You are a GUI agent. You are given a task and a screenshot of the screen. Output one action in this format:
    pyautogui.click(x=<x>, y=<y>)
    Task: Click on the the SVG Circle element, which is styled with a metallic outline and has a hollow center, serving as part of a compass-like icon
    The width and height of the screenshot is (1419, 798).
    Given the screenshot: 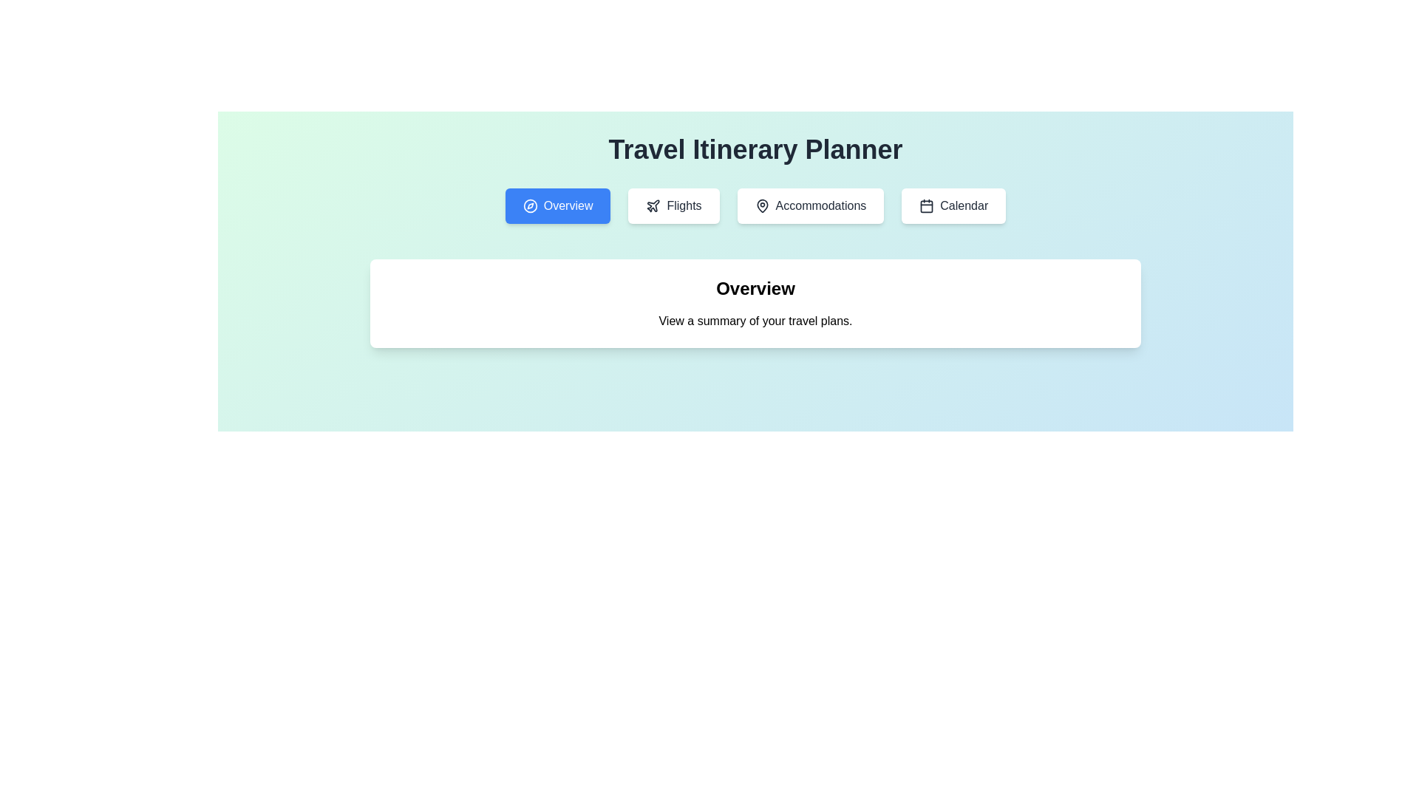 What is the action you would take?
    pyautogui.click(x=530, y=205)
    